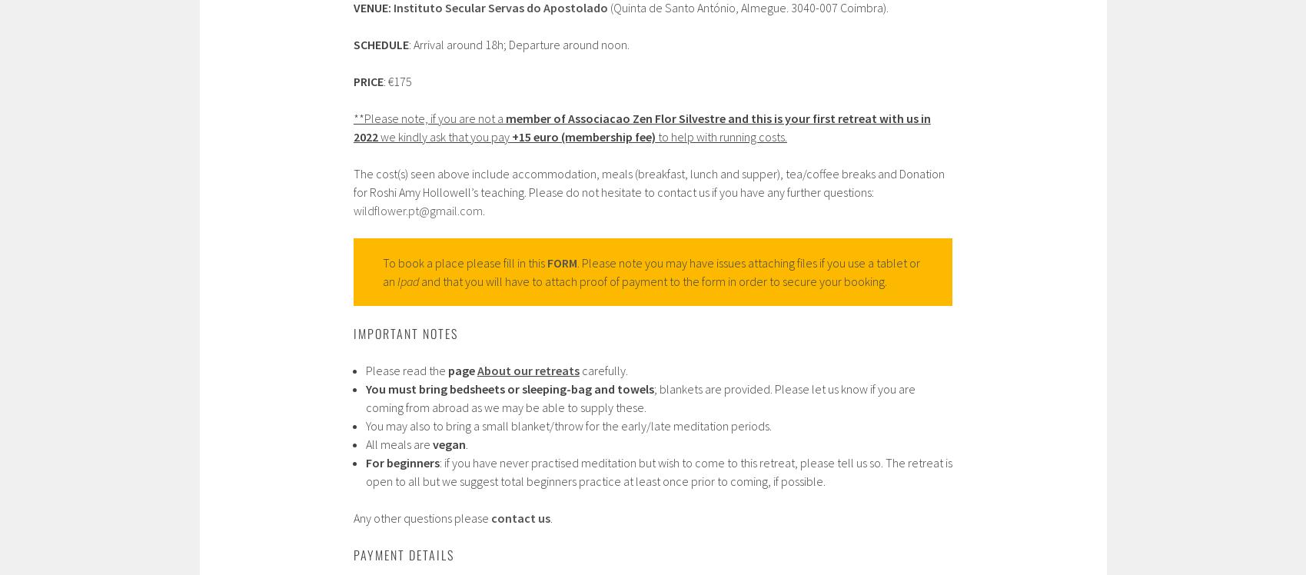  I want to click on ': €175', so click(396, 81).